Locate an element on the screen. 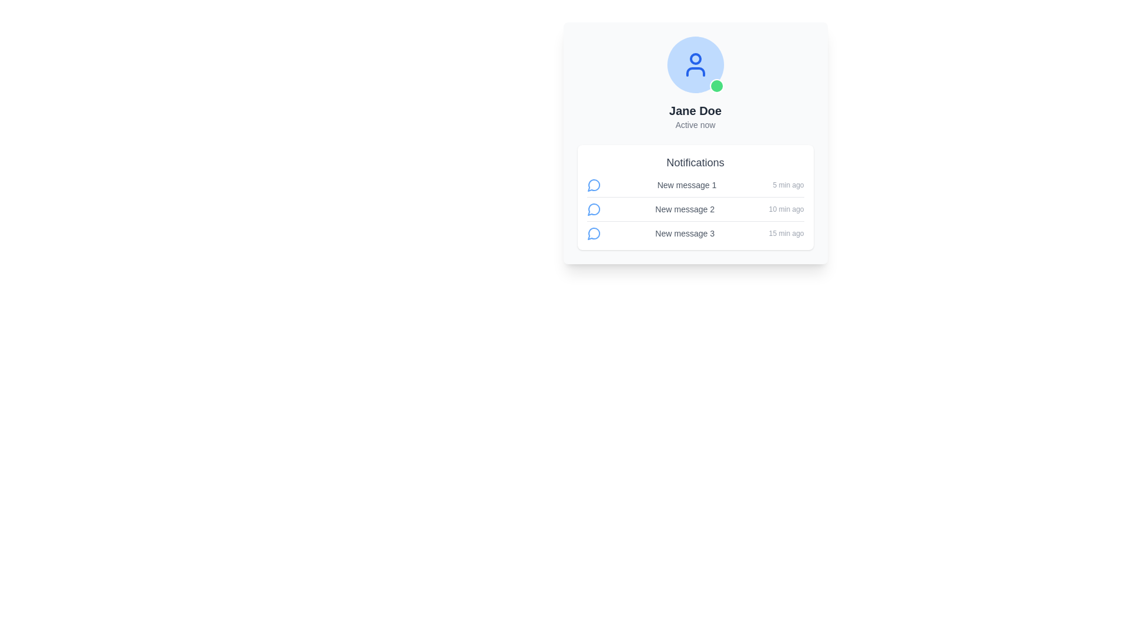  the text label displaying '15 min ago' in light gray color located in the rightmost area of the interactive notification panel, adjacent to the 'New message 3' label is located at coordinates (786, 234).